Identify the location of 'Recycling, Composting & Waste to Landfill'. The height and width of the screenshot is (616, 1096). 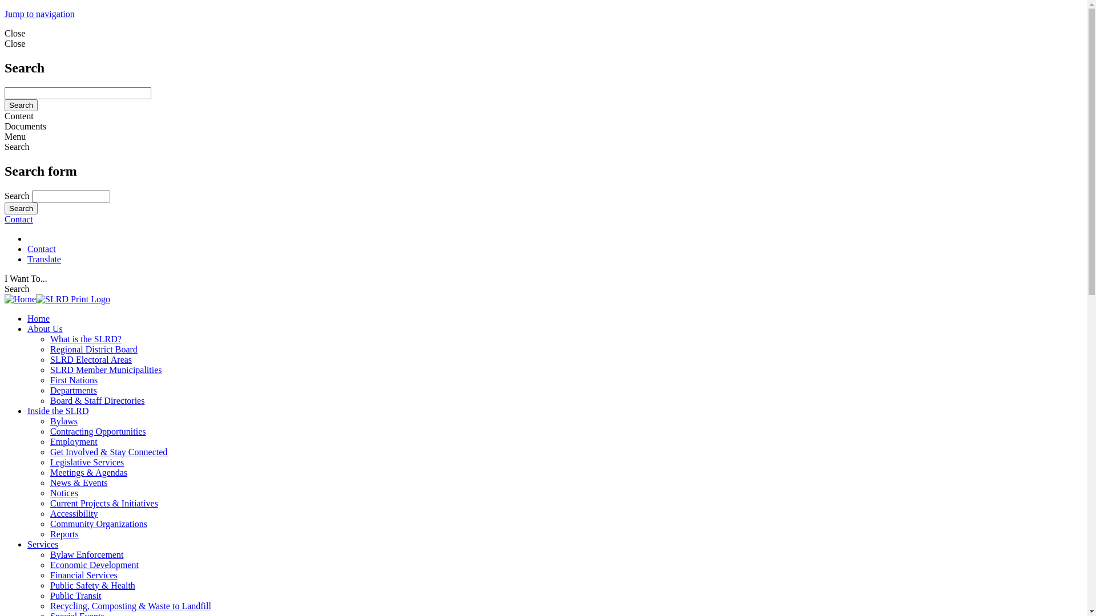
(131, 605).